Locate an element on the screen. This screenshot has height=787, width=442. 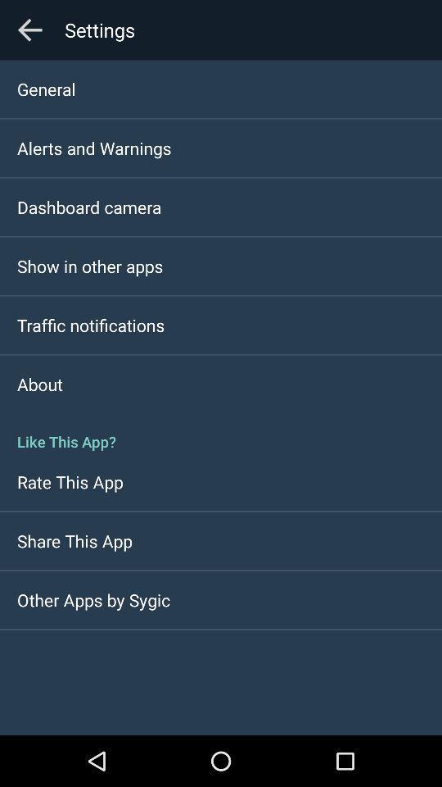
app below show in other icon is located at coordinates (91, 324).